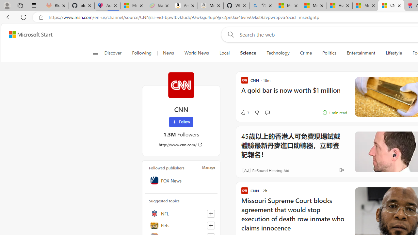 The width and height of the screenshot is (418, 235). Describe the element at coordinates (168, 53) in the screenshot. I see `'News'` at that location.